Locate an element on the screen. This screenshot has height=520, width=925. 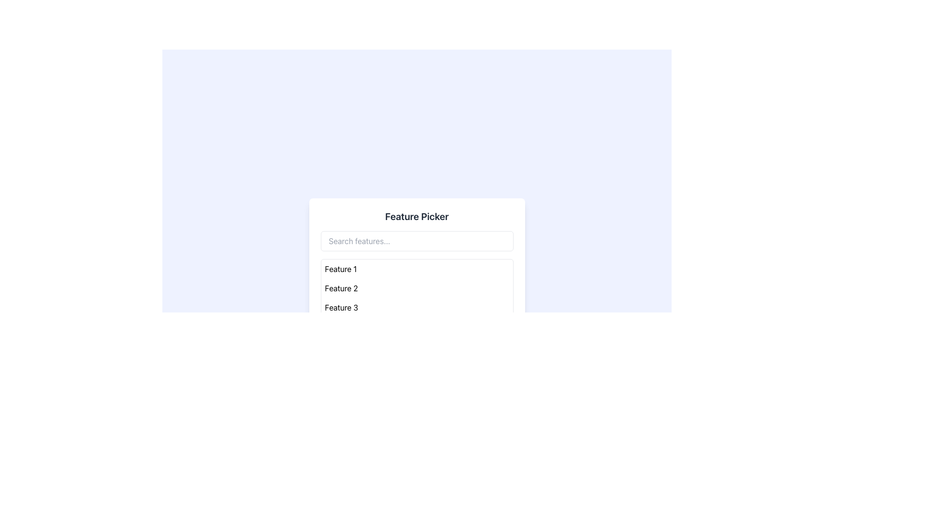
the second text label in the vertical feature picker interface, which is positioned between 'Feature 1' and 'Feature 3' is located at coordinates (341, 287).